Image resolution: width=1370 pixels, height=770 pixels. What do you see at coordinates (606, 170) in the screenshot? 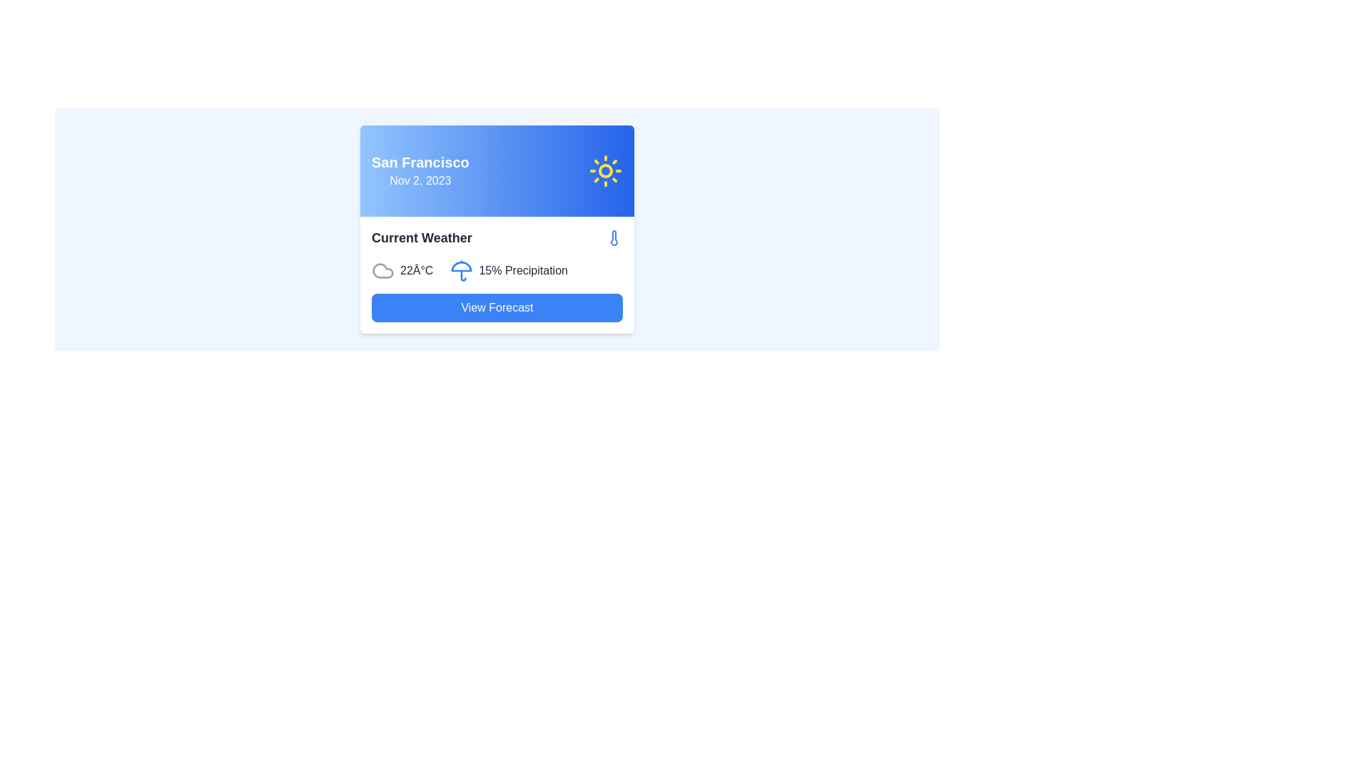
I see `the center circle within the sun icon on the weather card, which indicates sunny weather conditions` at bounding box center [606, 170].